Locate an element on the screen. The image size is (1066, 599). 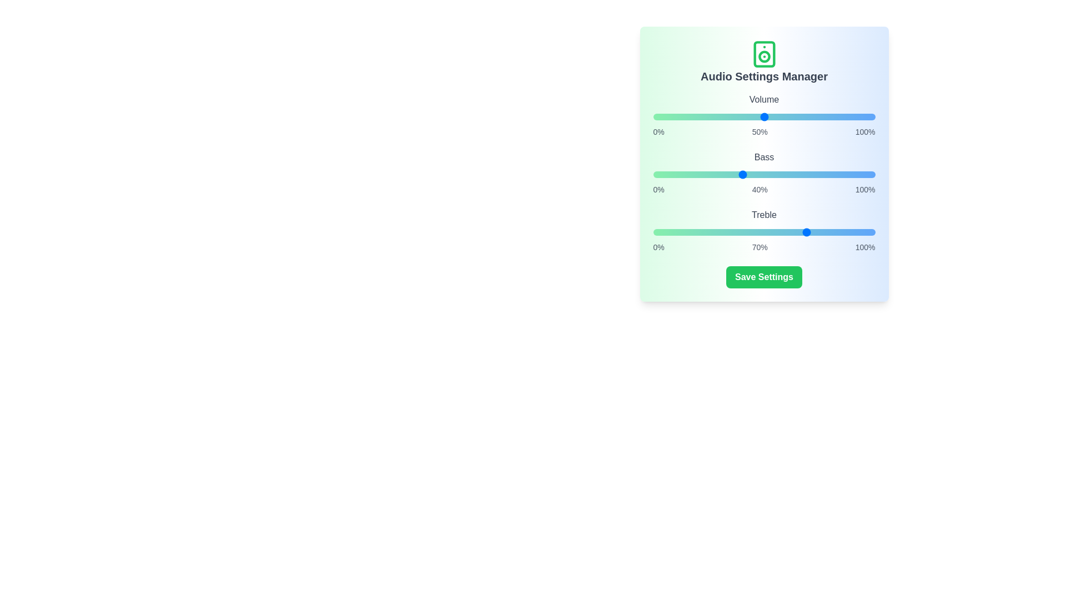
the volume slider to 71% is located at coordinates (811, 117).